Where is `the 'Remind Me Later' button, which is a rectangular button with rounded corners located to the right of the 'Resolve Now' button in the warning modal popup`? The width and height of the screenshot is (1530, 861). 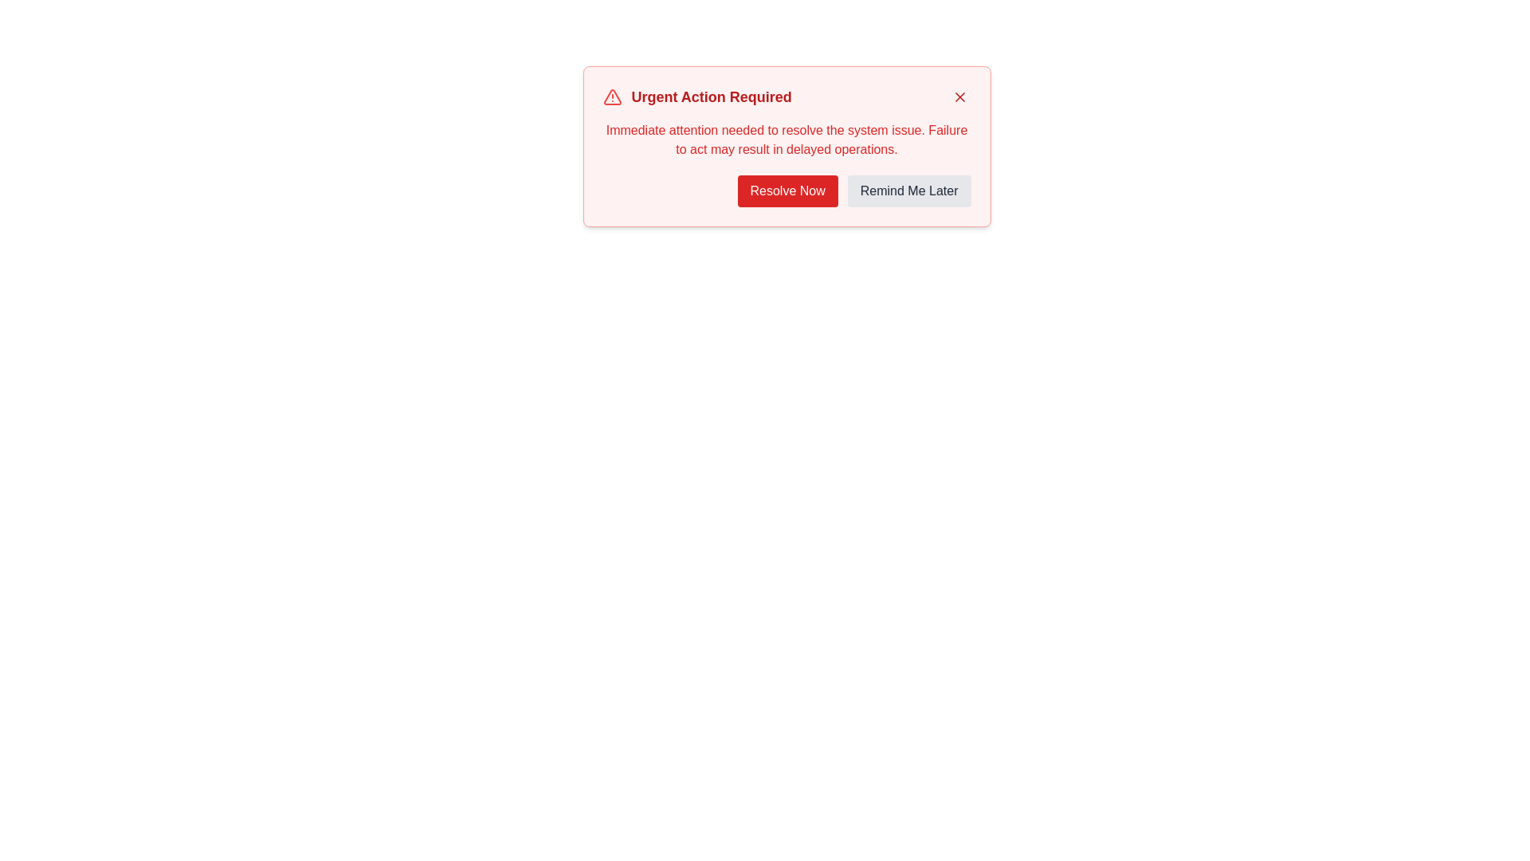
the 'Remind Me Later' button, which is a rectangular button with rounded corners located to the right of the 'Resolve Now' button in the warning modal popup is located at coordinates (909, 190).